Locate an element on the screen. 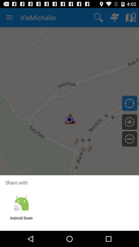  the item below the share with item is located at coordinates (21, 203).